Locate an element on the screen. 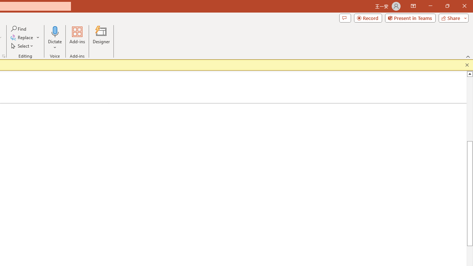 This screenshot has width=473, height=266. 'Close this message' is located at coordinates (467, 65).